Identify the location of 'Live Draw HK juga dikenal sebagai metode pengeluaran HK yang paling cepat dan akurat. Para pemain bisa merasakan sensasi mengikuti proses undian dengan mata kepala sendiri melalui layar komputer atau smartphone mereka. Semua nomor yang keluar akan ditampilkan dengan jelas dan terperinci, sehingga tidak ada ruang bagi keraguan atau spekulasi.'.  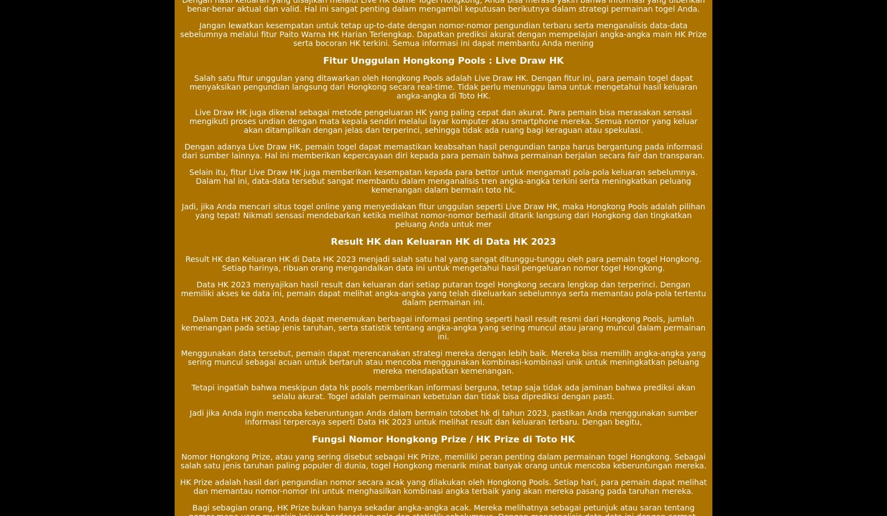
(443, 121).